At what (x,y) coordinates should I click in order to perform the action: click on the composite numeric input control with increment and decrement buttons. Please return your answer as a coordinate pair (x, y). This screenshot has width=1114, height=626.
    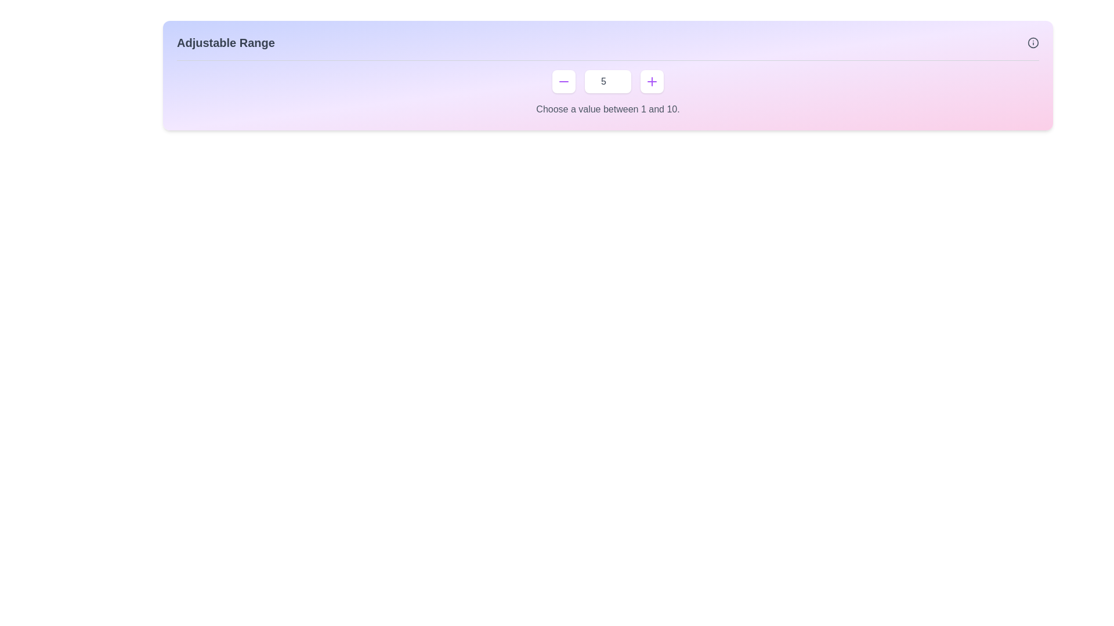
    Looking at the image, I should click on (607, 93).